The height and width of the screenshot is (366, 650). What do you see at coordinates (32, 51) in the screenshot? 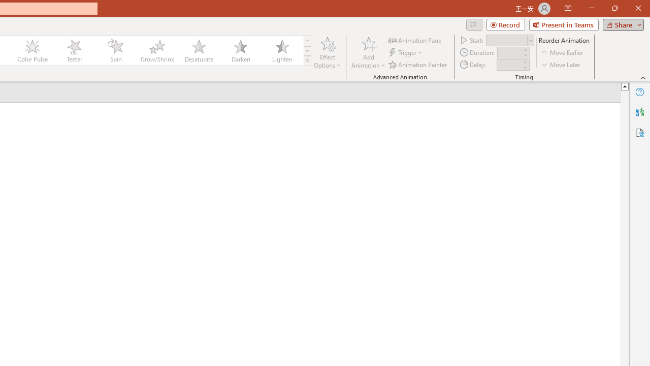
I see `'Color Pulse'` at bounding box center [32, 51].